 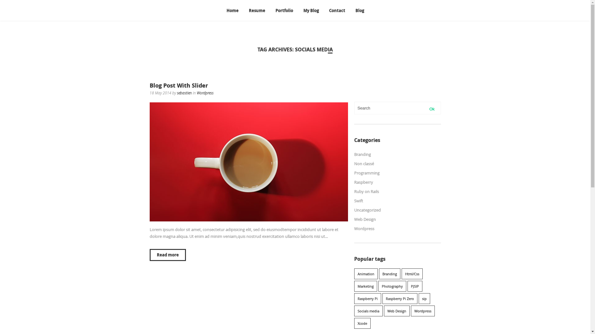 I want to click on 'Html/Css', so click(x=412, y=273).